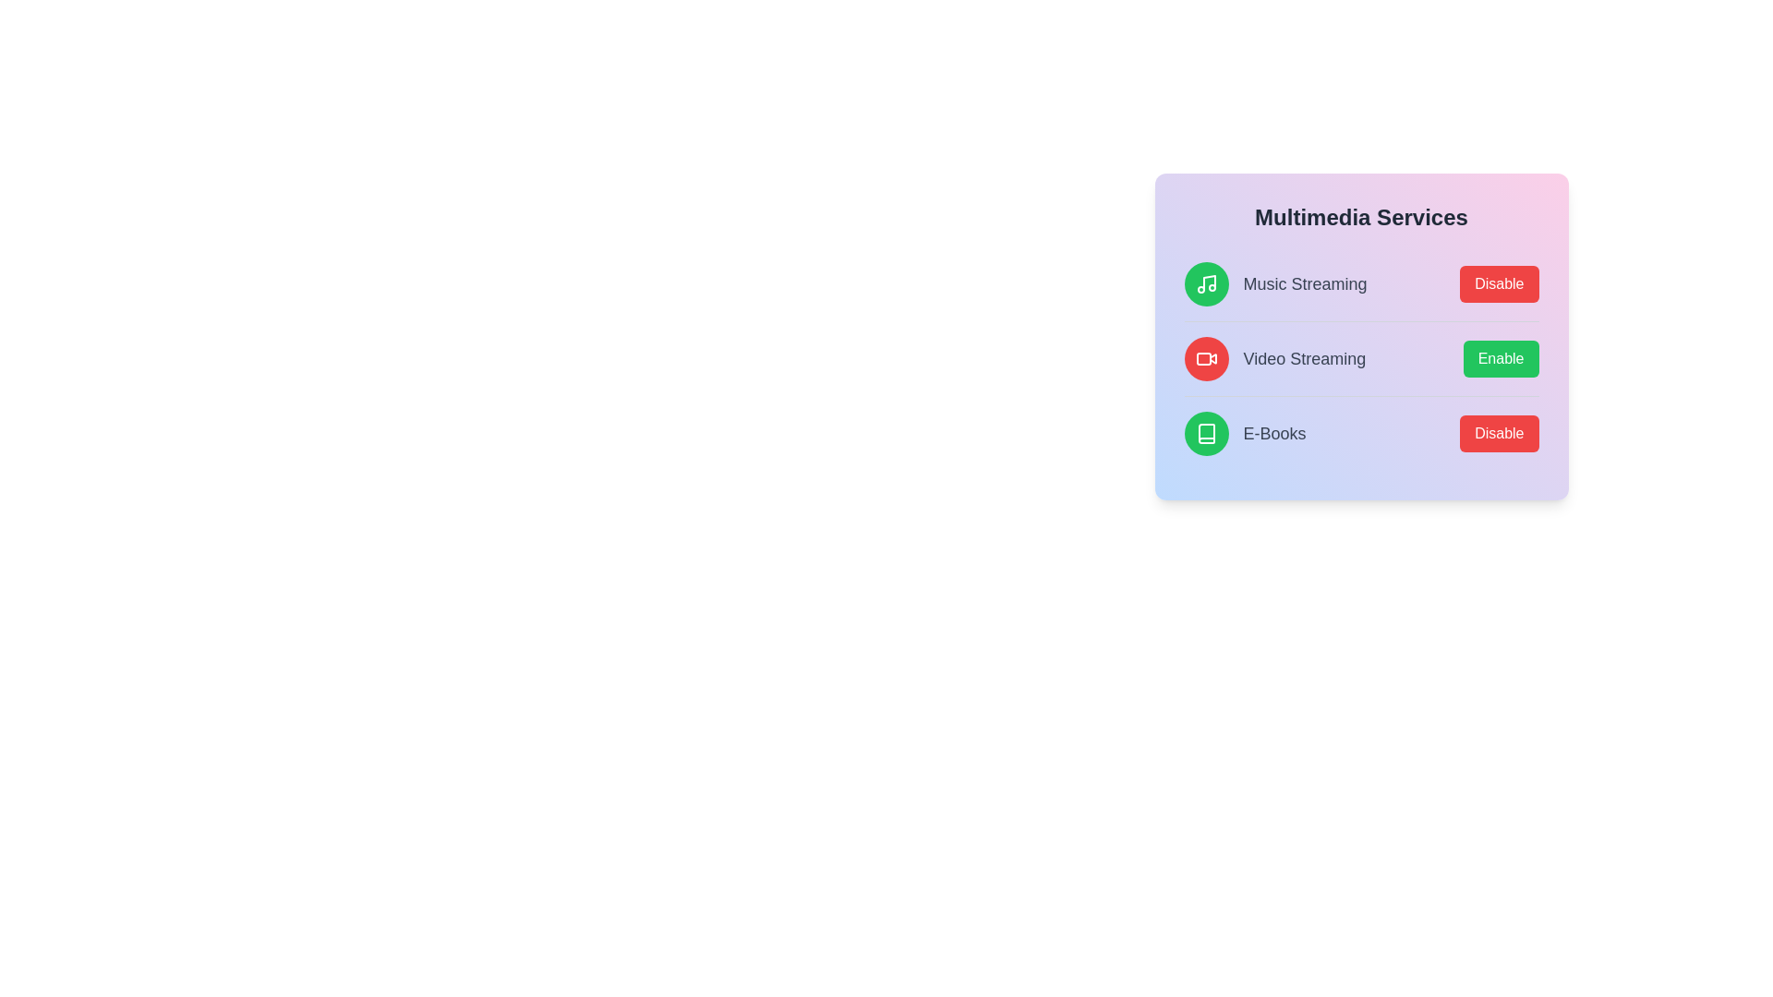 The width and height of the screenshot is (1773, 997). Describe the element at coordinates (1501, 359) in the screenshot. I see `the service identified by video` at that location.